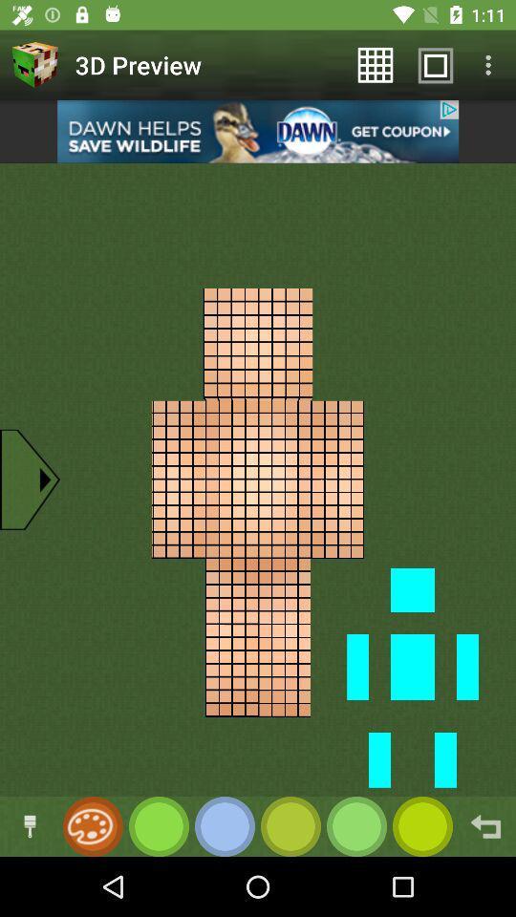 The image size is (516, 917). I want to click on open the color selection, so click(89, 825).